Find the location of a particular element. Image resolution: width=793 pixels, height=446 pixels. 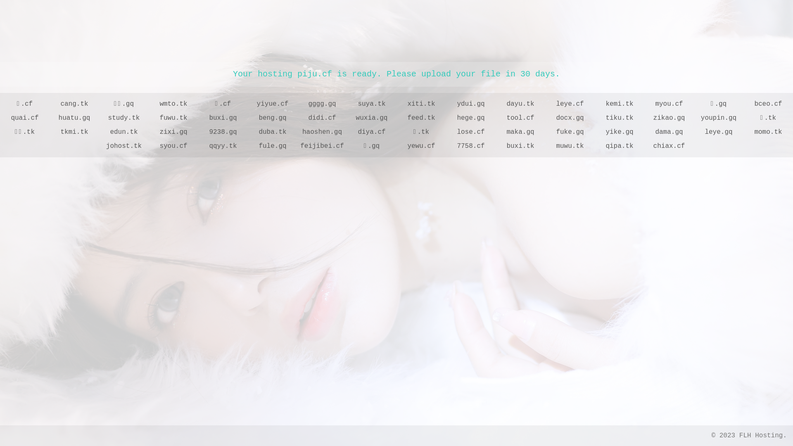

'kemi.tk' is located at coordinates (595, 103).